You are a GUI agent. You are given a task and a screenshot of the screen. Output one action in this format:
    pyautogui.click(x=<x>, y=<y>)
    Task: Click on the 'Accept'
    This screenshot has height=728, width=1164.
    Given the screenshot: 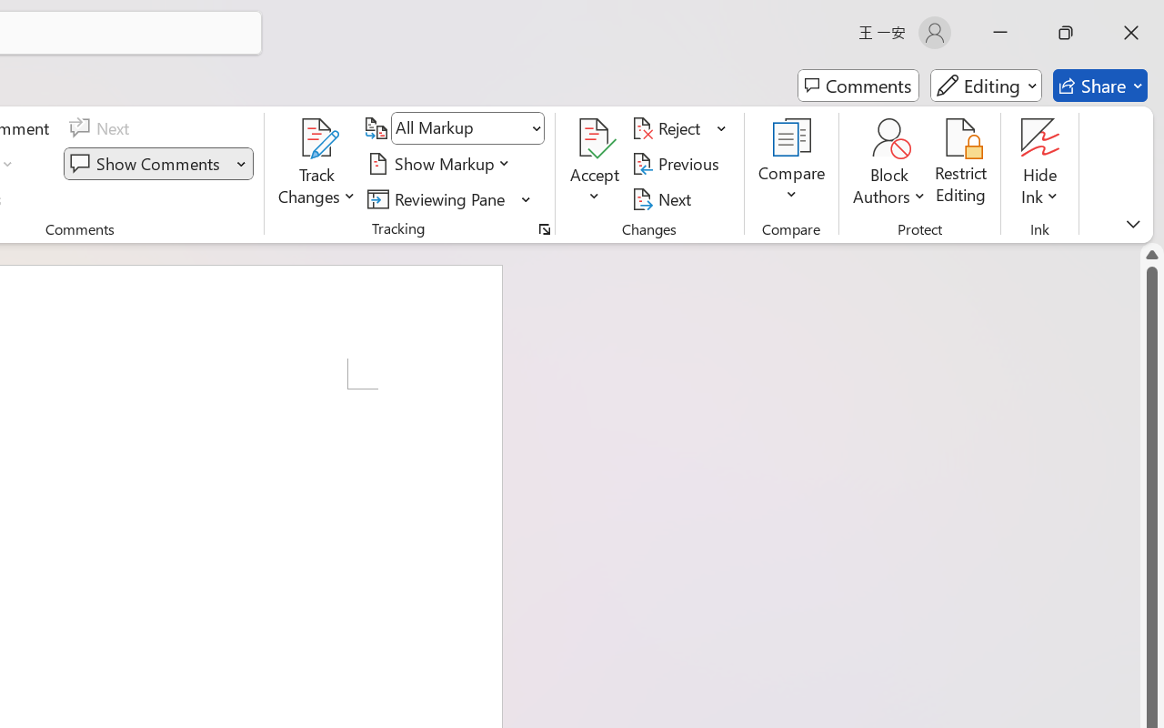 What is the action you would take?
    pyautogui.click(x=595, y=163)
    